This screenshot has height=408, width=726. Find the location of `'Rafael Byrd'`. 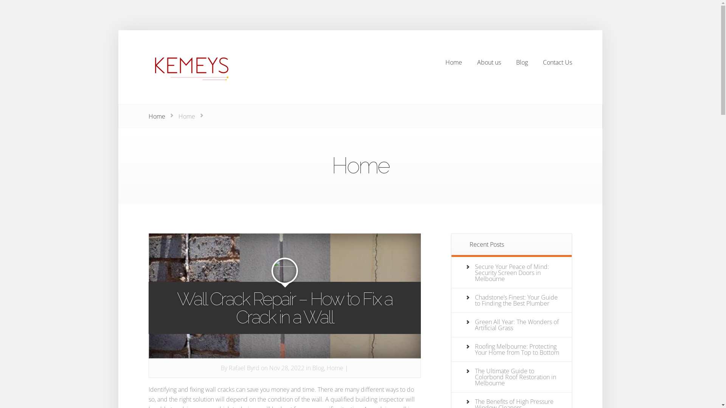

'Rafael Byrd' is located at coordinates (244, 368).